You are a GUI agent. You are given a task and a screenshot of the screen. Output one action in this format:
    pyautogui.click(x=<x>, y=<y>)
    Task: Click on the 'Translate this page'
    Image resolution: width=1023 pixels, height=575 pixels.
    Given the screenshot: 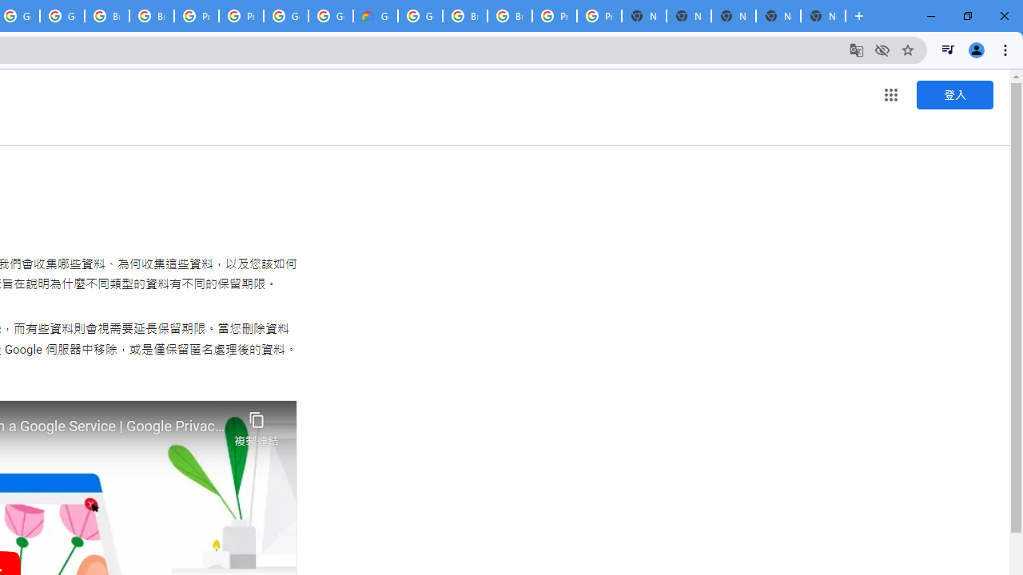 What is the action you would take?
    pyautogui.click(x=856, y=49)
    